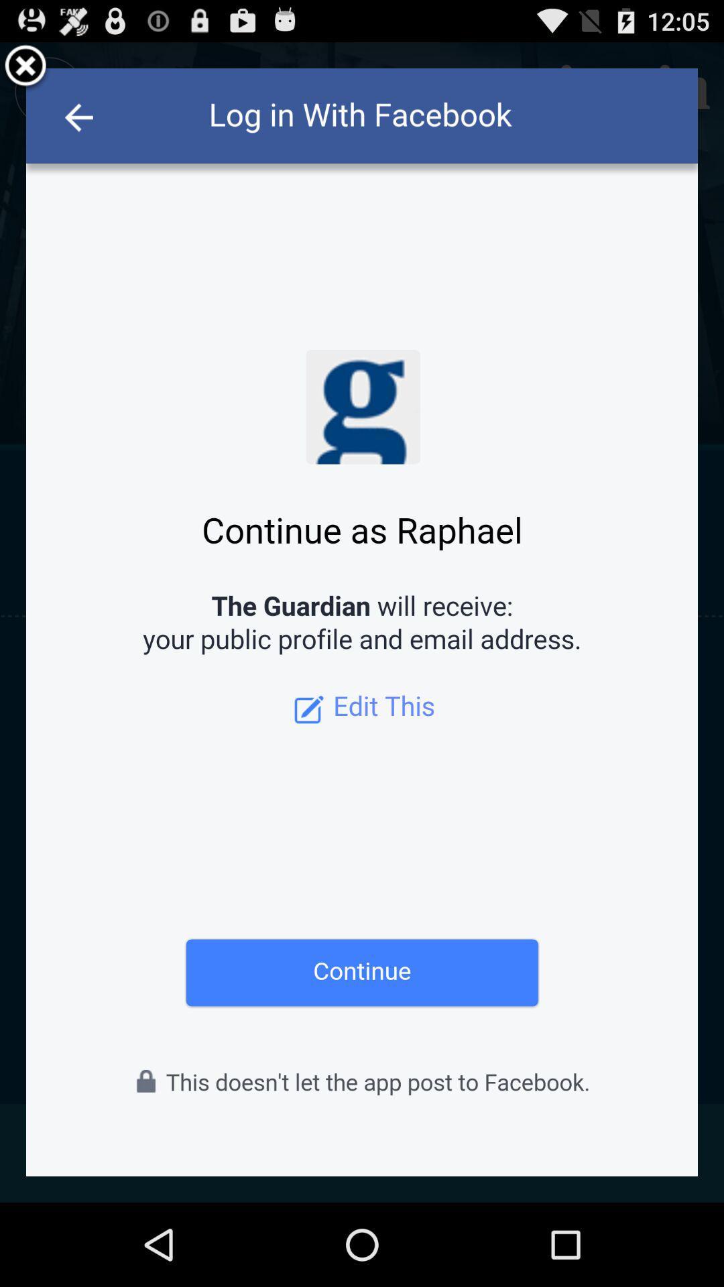 The height and width of the screenshot is (1287, 724). What do you see at coordinates (25, 67) in the screenshot?
I see `the facebook login page` at bounding box center [25, 67].